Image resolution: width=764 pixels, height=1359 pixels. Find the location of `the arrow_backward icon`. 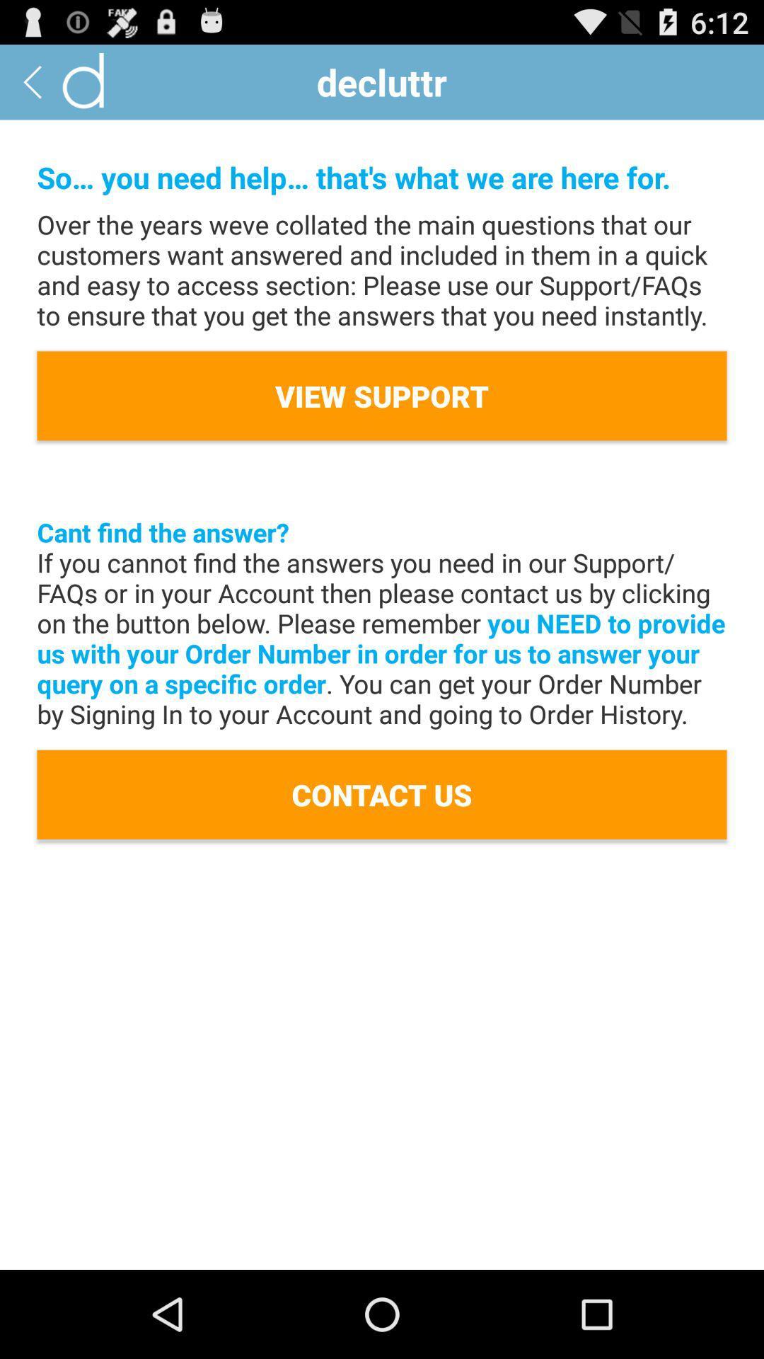

the arrow_backward icon is located at coordinates (32, 87).